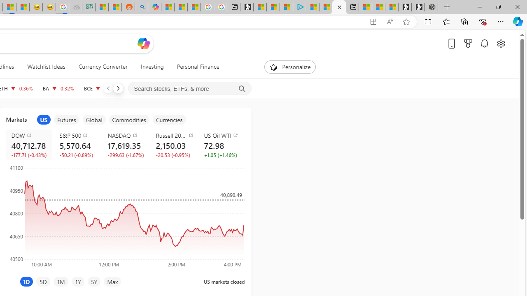 The height and width of the screenshot is (296, 527). Describe the element at coordinates (518, 21) in the screenshot. I see `'Copilot (Ctrl+Shift+.)'` at that location.